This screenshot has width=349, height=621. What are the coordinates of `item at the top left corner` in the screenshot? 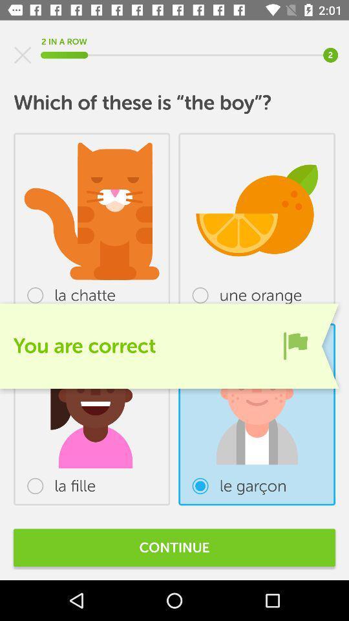 It's located at (23, 55).